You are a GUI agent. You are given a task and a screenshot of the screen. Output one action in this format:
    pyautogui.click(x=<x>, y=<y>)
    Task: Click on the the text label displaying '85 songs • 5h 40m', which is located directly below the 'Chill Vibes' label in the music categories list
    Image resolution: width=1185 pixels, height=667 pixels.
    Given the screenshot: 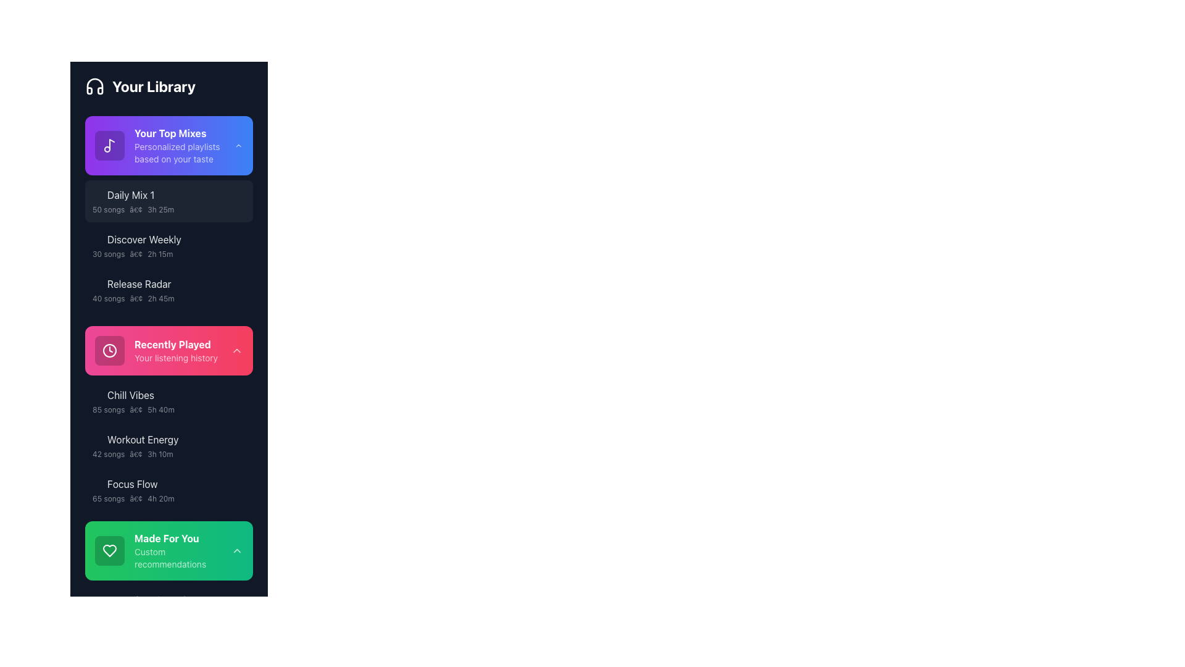 What is the action you would take?
    pyautogui.click(x=162, y=409)
    